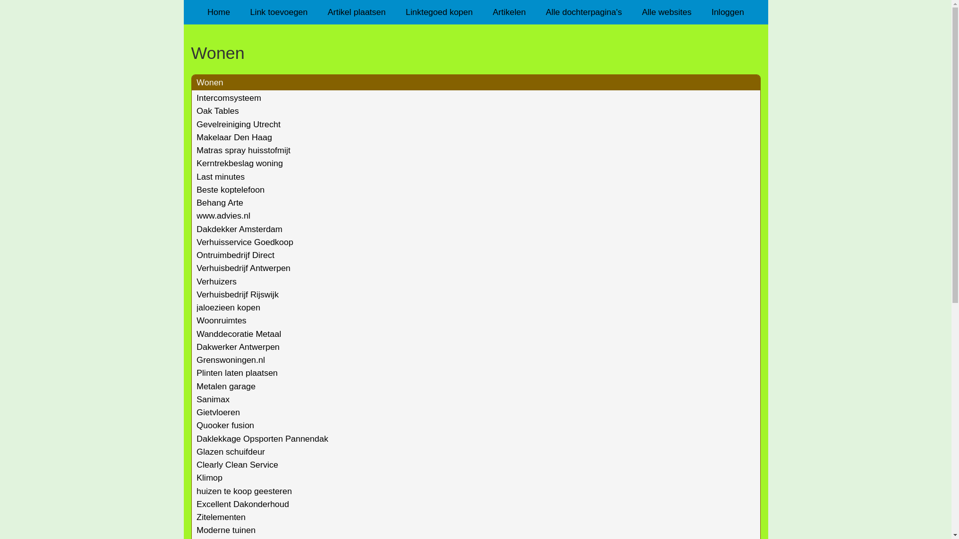  What do you see at coordinates (237, 294) in the screenshot?
I see `'Verhuisbedrijf Rijswijk'` at bounding box center [237, 294].